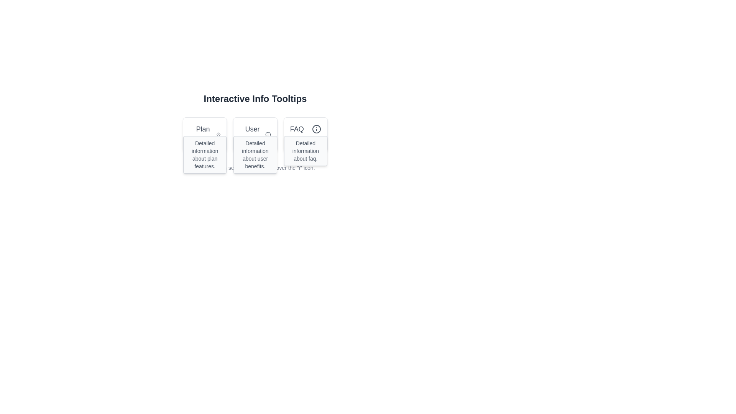 Image resolution: width=736 pixels, height=414 pixels. What do you see at coordinates (203, 134) in the screenshot?
I see `text displayed in the 'Plan Features' text label, which is centrally located in the first card of a horizontal arrangement of three cards` at bounding box center [203, 134].